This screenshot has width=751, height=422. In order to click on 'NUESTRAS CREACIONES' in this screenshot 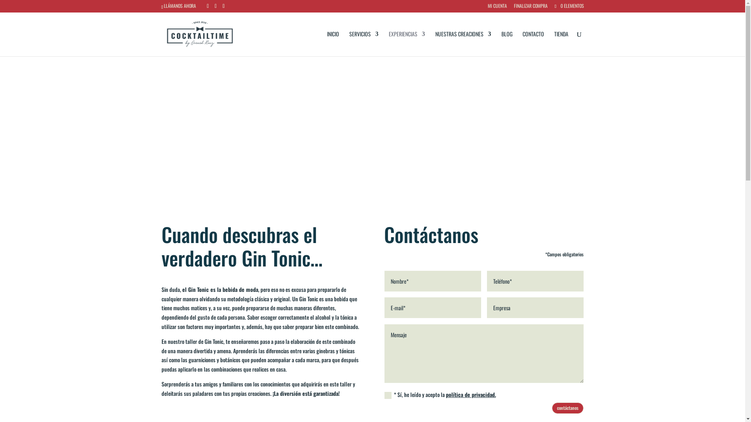, I will do `click(435, 43)`.